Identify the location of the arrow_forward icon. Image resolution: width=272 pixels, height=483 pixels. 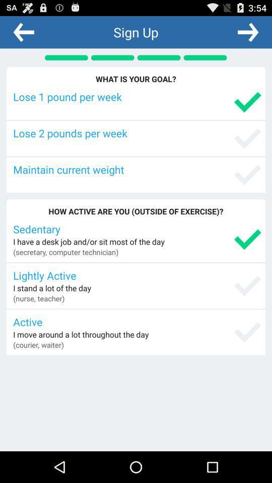
(247, 34).